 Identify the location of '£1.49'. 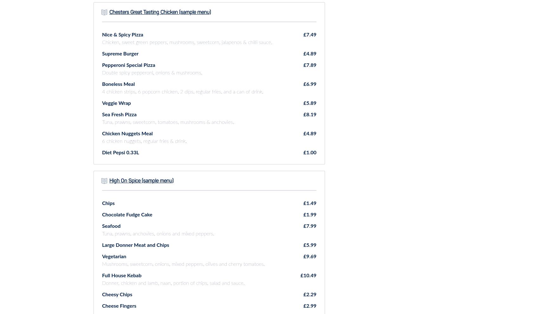
(309, 202).